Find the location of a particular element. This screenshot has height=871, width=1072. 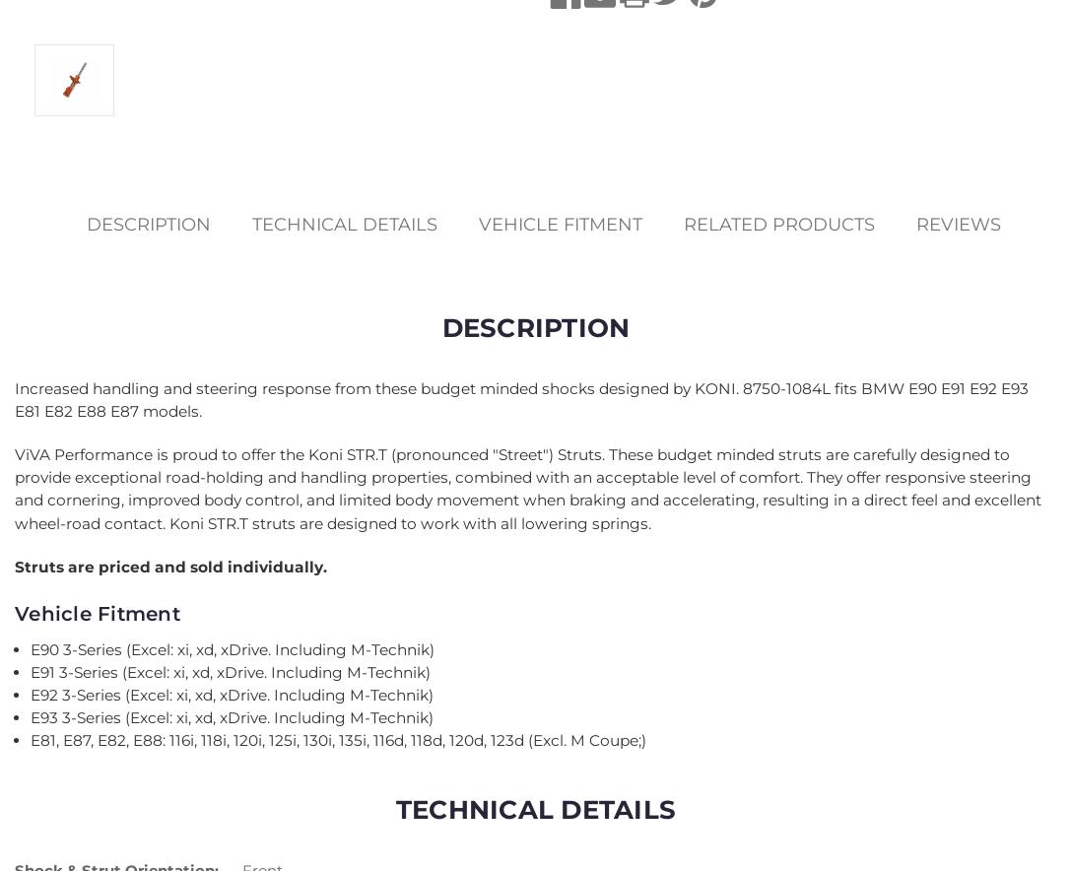

'REVIEWS' is located at coordinates (957, 224).